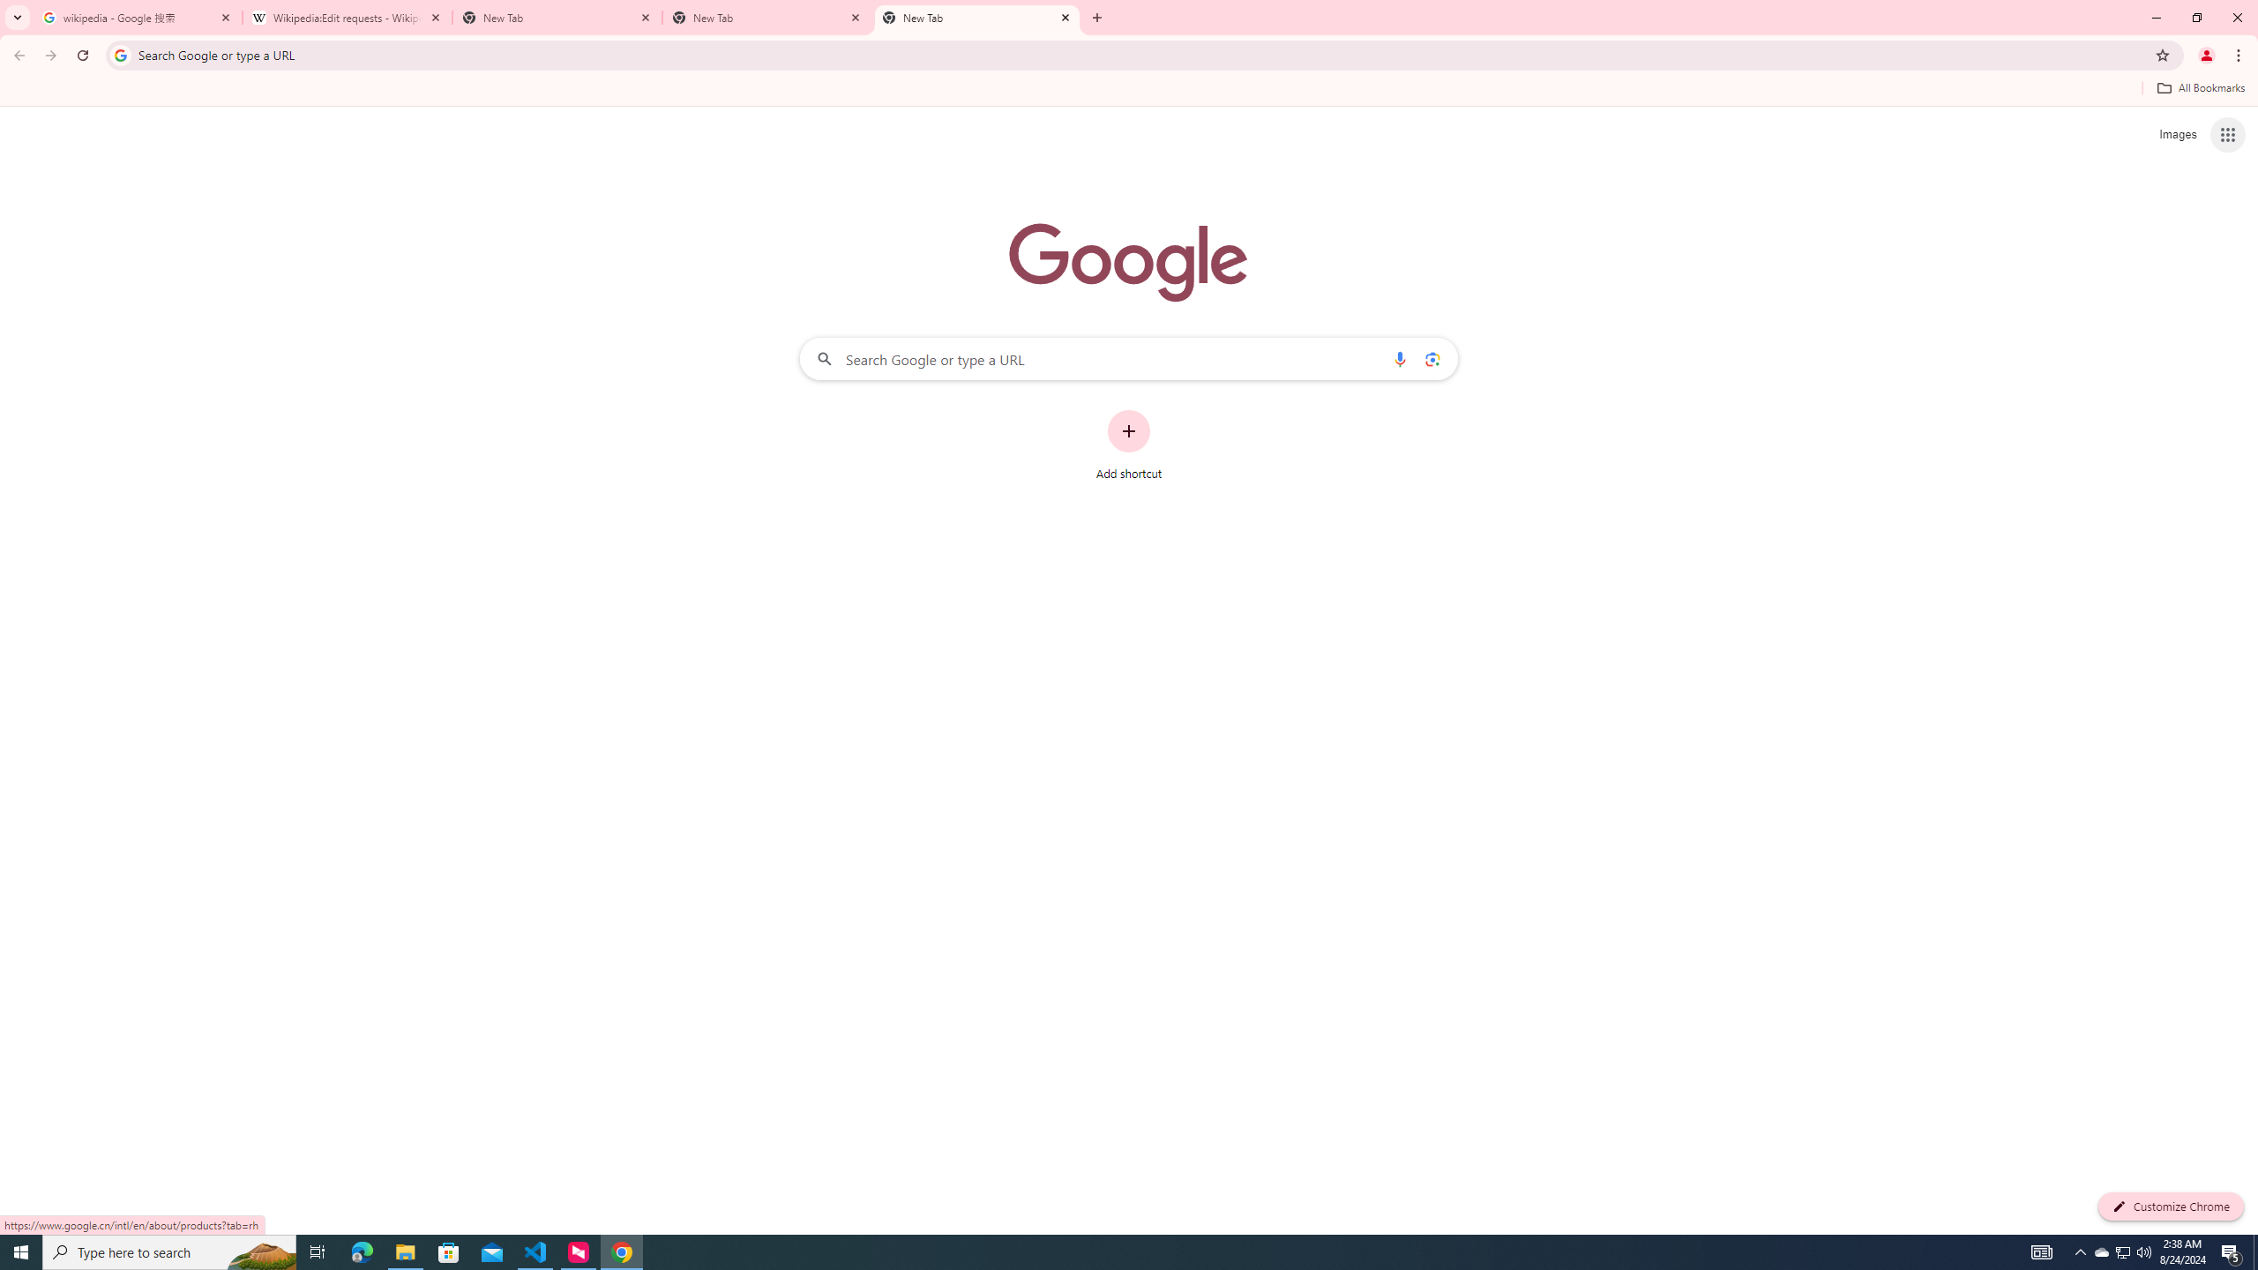 The image size is (2258, 1270). Describe the element at coordinates (977, 17) in the screenshot. I see `'New Tab'` at that location.